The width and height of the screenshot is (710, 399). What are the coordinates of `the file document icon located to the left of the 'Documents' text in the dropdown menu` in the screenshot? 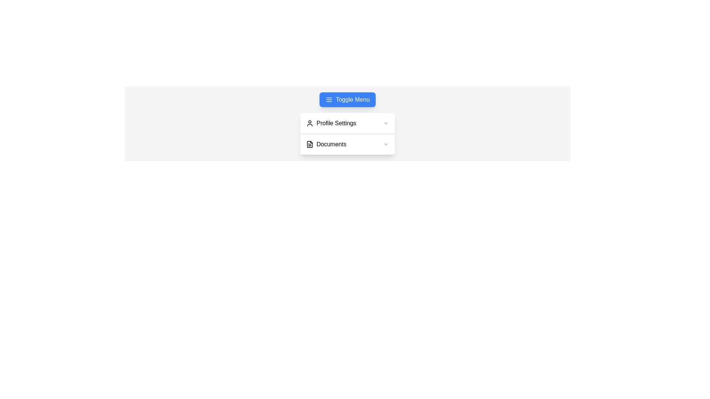 It's located at (310, 144).